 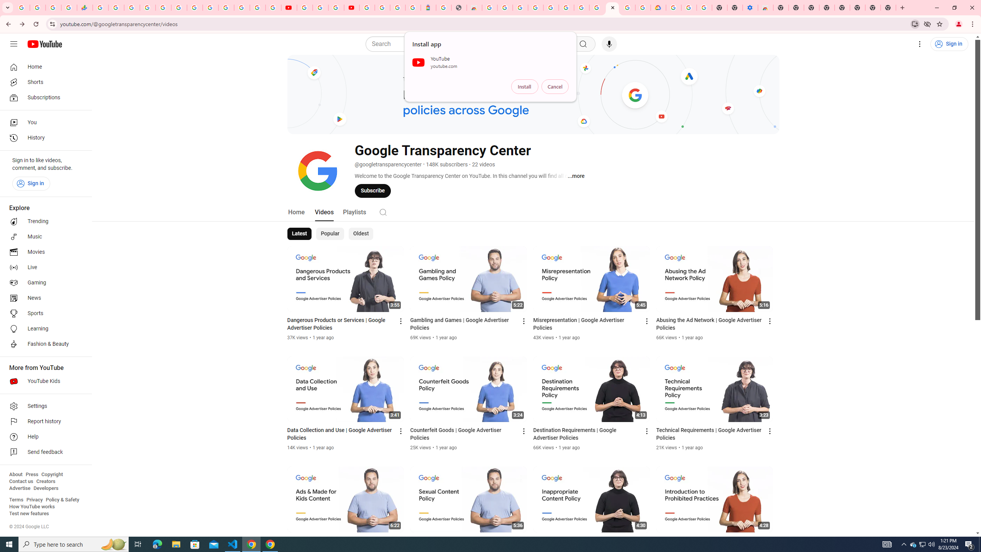 What do you see at coordinates (43, 329) in the screenshot?
I see `'Learning'` at bounding box center [43, 329].